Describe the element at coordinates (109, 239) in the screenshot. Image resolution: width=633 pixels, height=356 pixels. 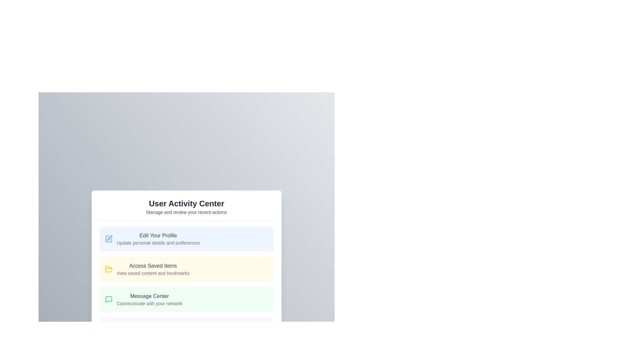
I see `the 'Edit Your Profile' icon located in the topmost row of the list, which is on the left side of the 'Edit Your Profile' text` at that location.